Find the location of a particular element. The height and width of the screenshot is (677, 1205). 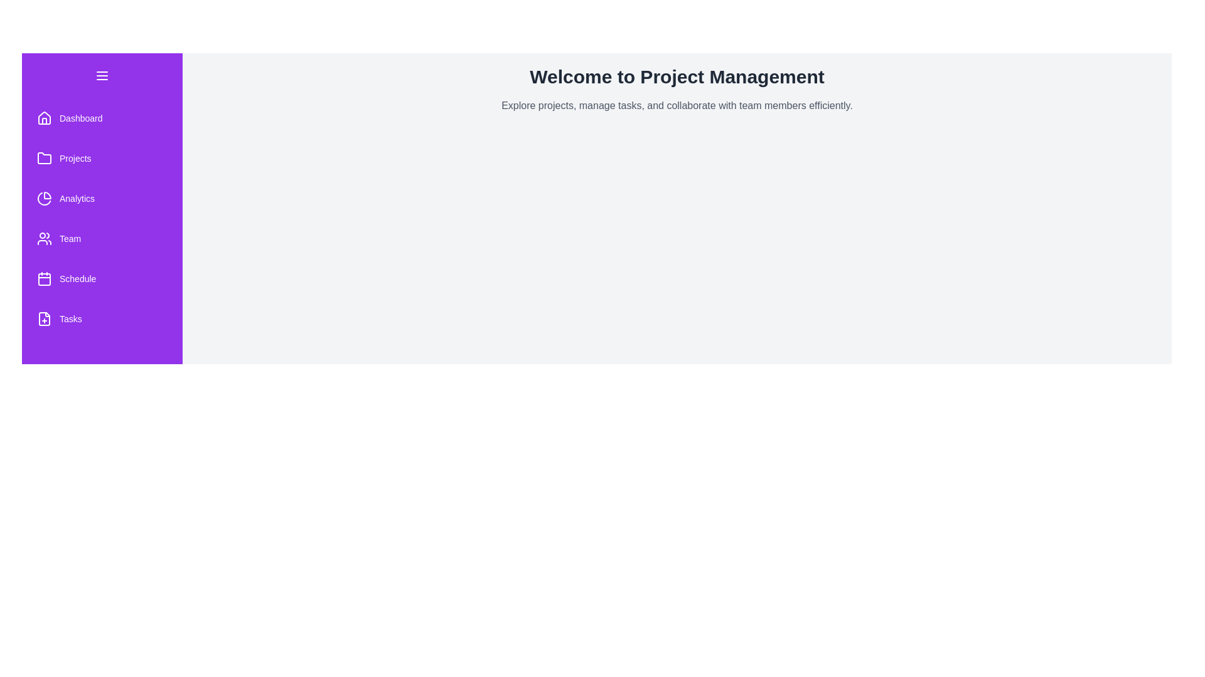

the 'Team' menu item in the drawer is located at coordinates (102, 239).